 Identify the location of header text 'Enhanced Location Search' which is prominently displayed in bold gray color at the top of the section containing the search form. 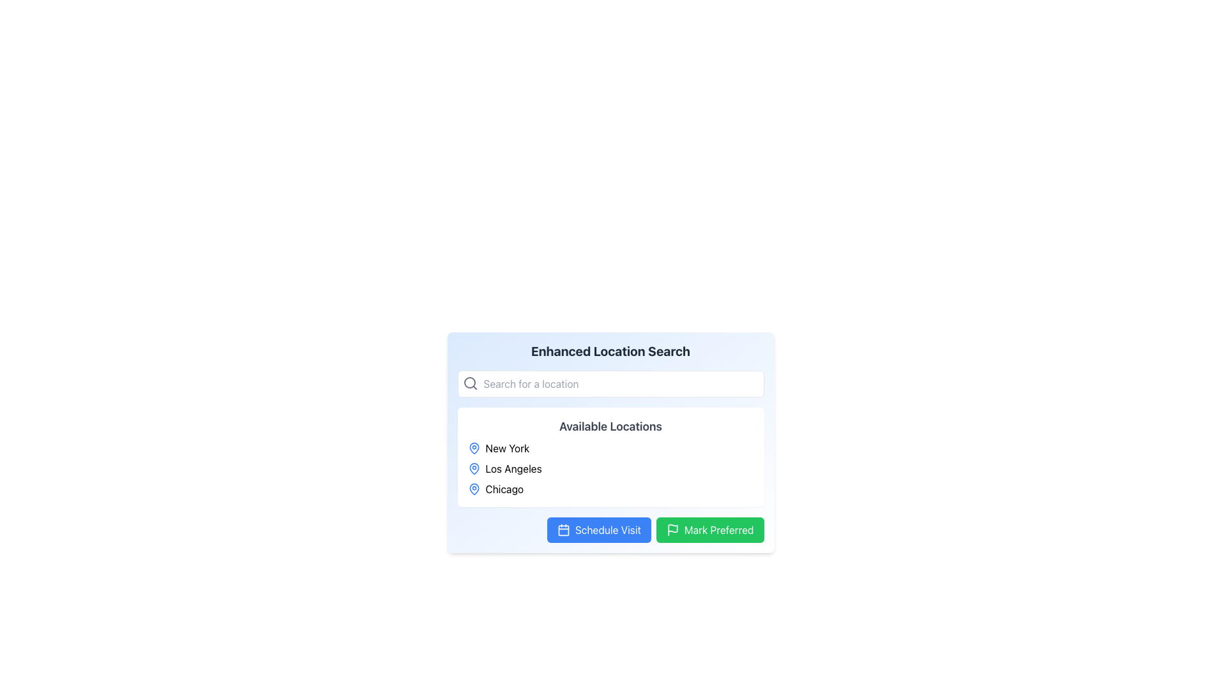
(610, 352).